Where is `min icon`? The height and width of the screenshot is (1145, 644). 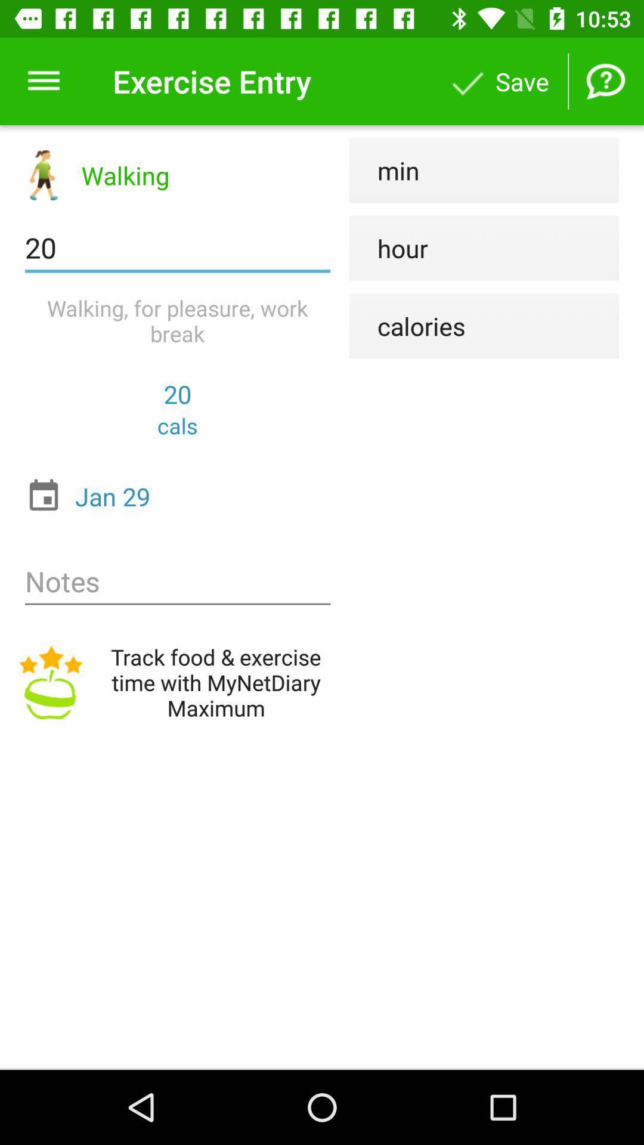
min icon is located at coordinates (384, 169).